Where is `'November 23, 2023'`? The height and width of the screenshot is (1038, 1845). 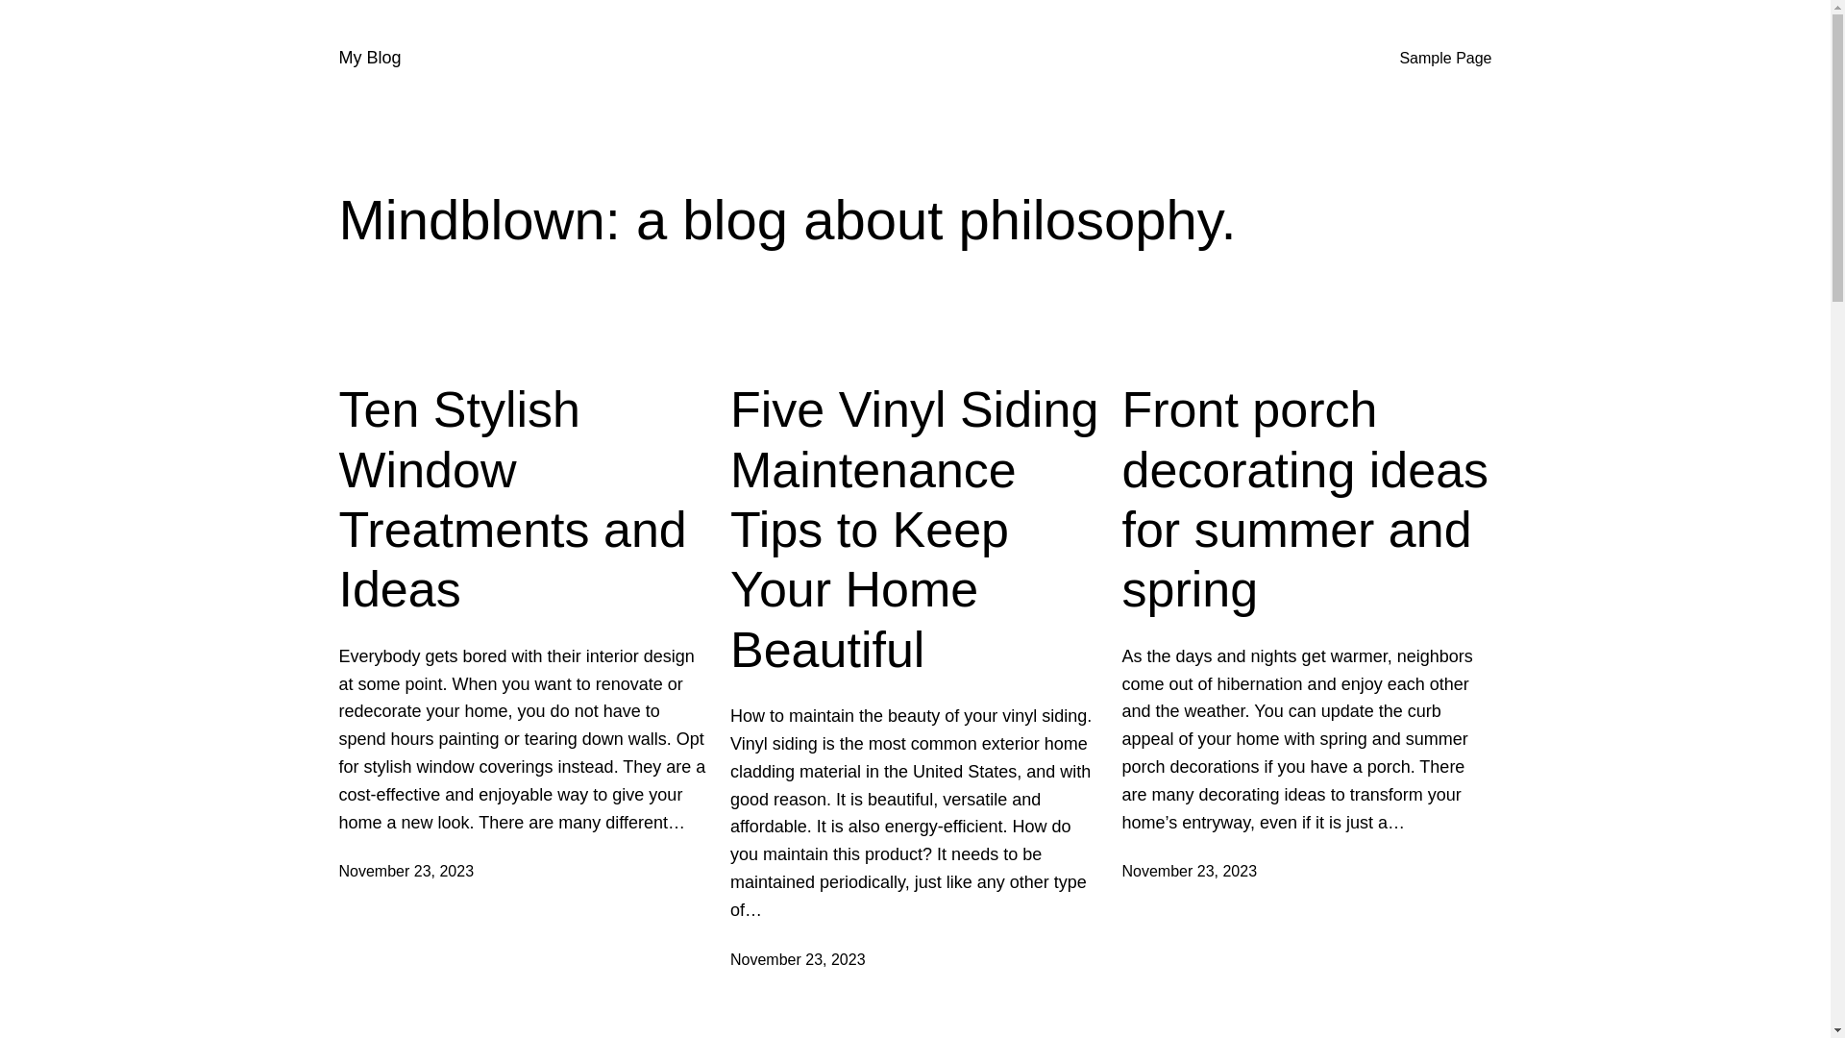 'November 23, 2023' is located at coordinates (1189, 871).